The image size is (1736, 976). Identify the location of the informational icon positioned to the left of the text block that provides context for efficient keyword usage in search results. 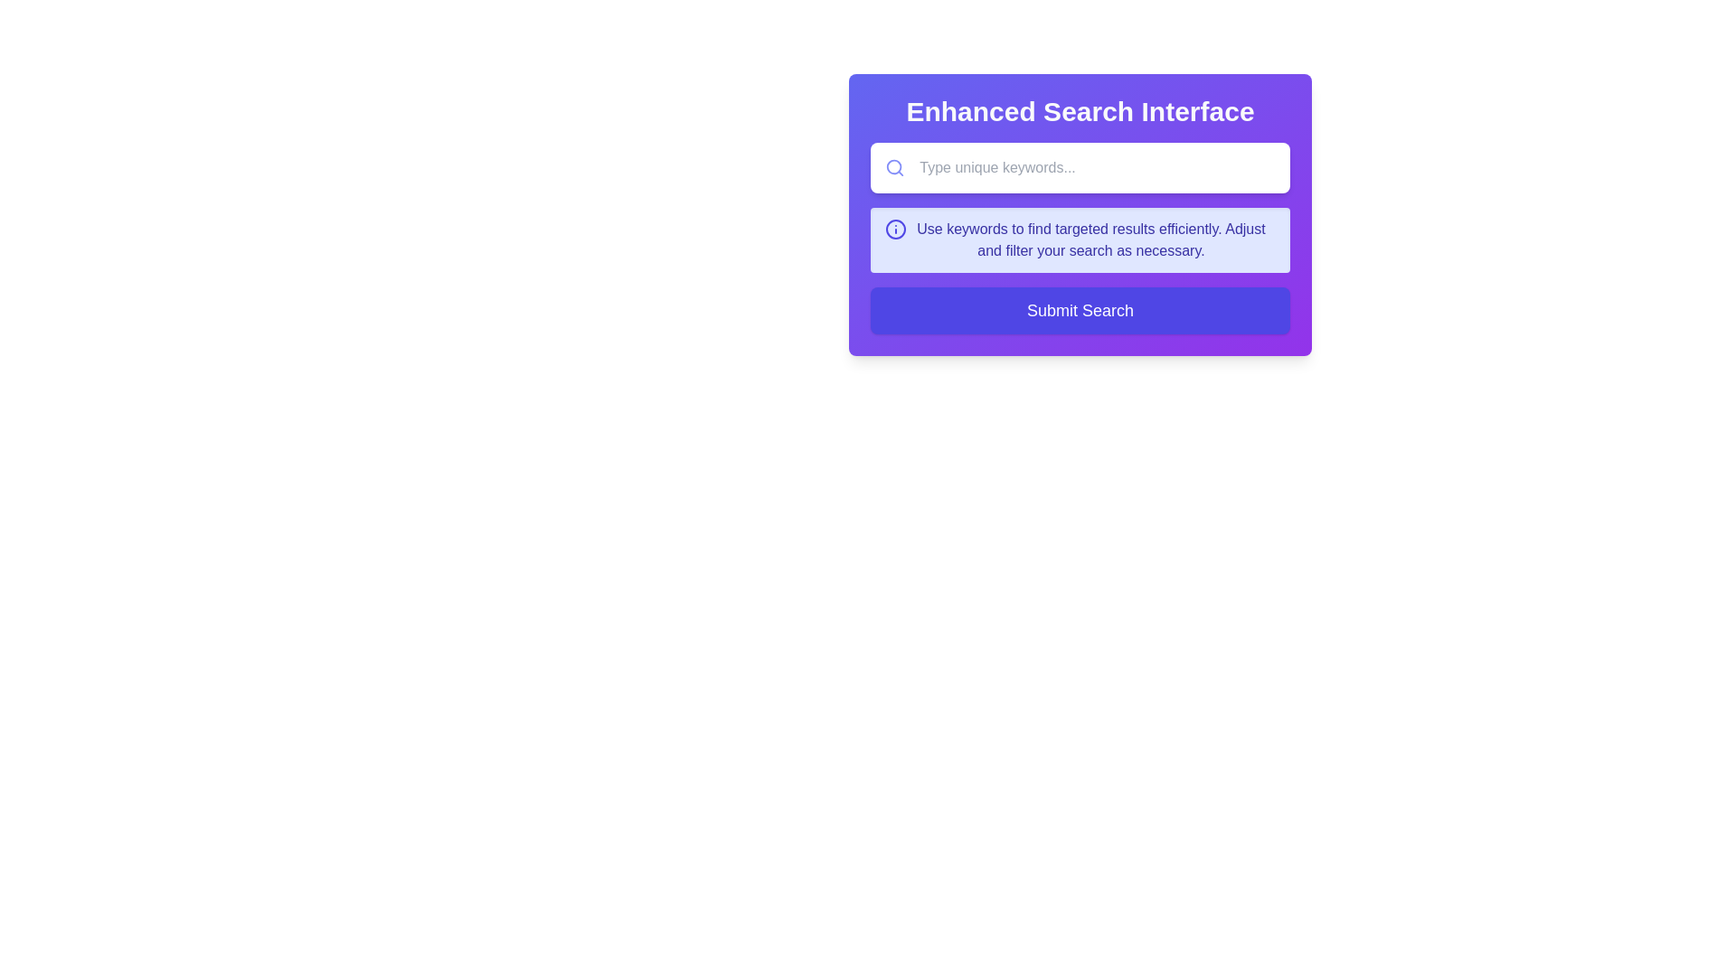
(895, 229).